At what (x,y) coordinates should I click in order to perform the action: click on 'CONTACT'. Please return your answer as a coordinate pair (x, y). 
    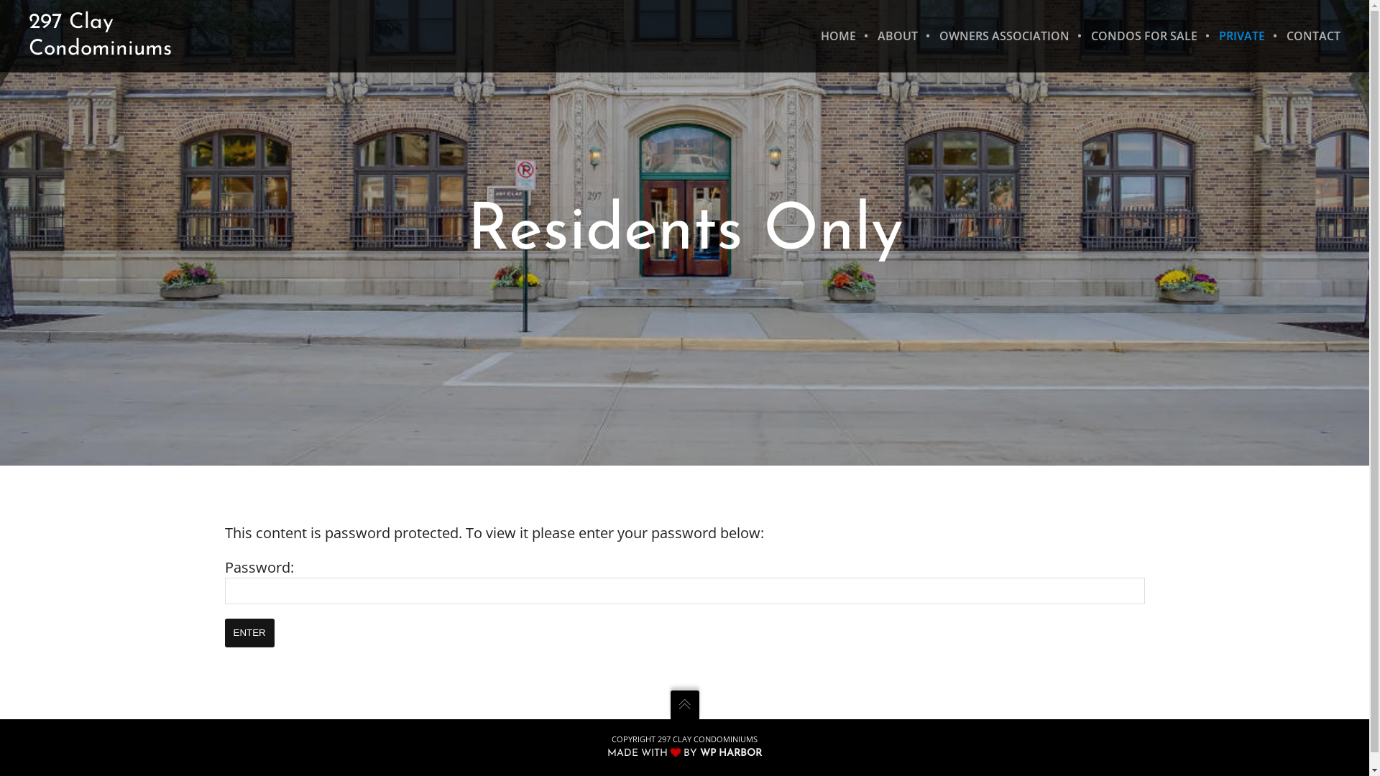
    Looking at the image, I should click on (1307, 35).